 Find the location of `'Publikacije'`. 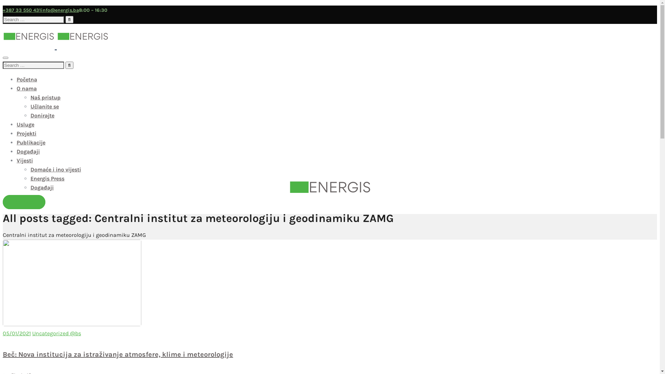

'Publikacije' is located at coordinates (30, 142).